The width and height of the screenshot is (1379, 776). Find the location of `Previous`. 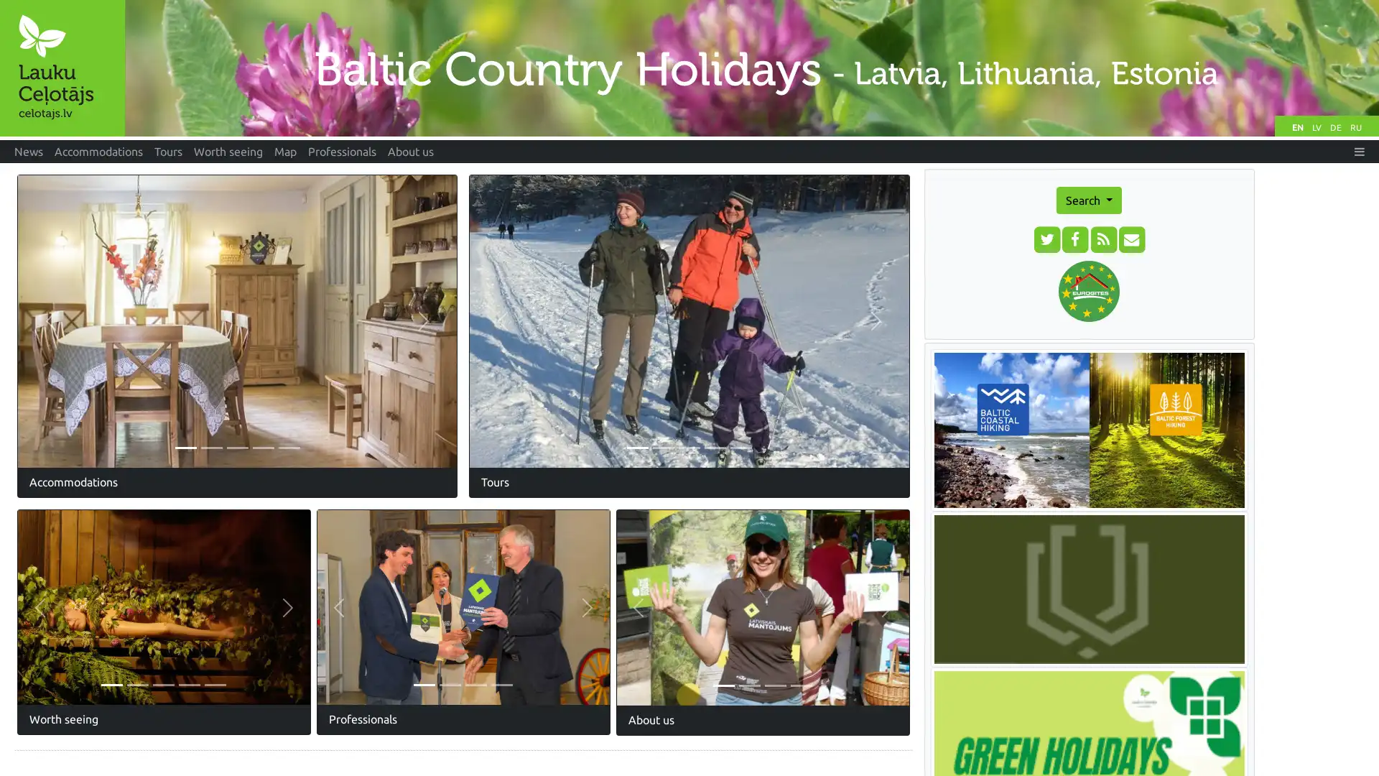

Previous is located at coordinates (338, 607).